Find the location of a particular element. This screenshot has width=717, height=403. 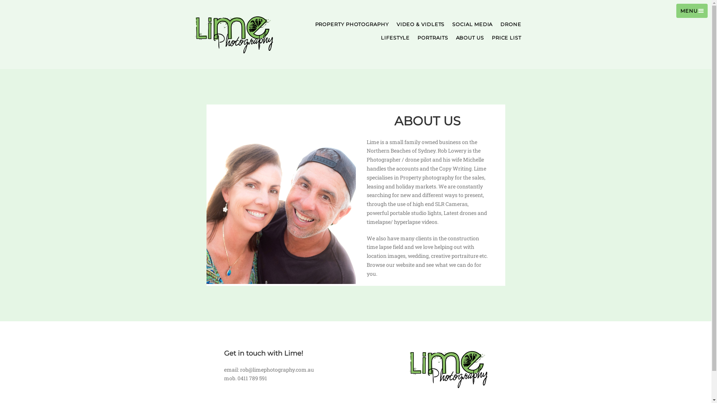

'VIDEO & VIDLETS' is located at coordinates (420, 24).